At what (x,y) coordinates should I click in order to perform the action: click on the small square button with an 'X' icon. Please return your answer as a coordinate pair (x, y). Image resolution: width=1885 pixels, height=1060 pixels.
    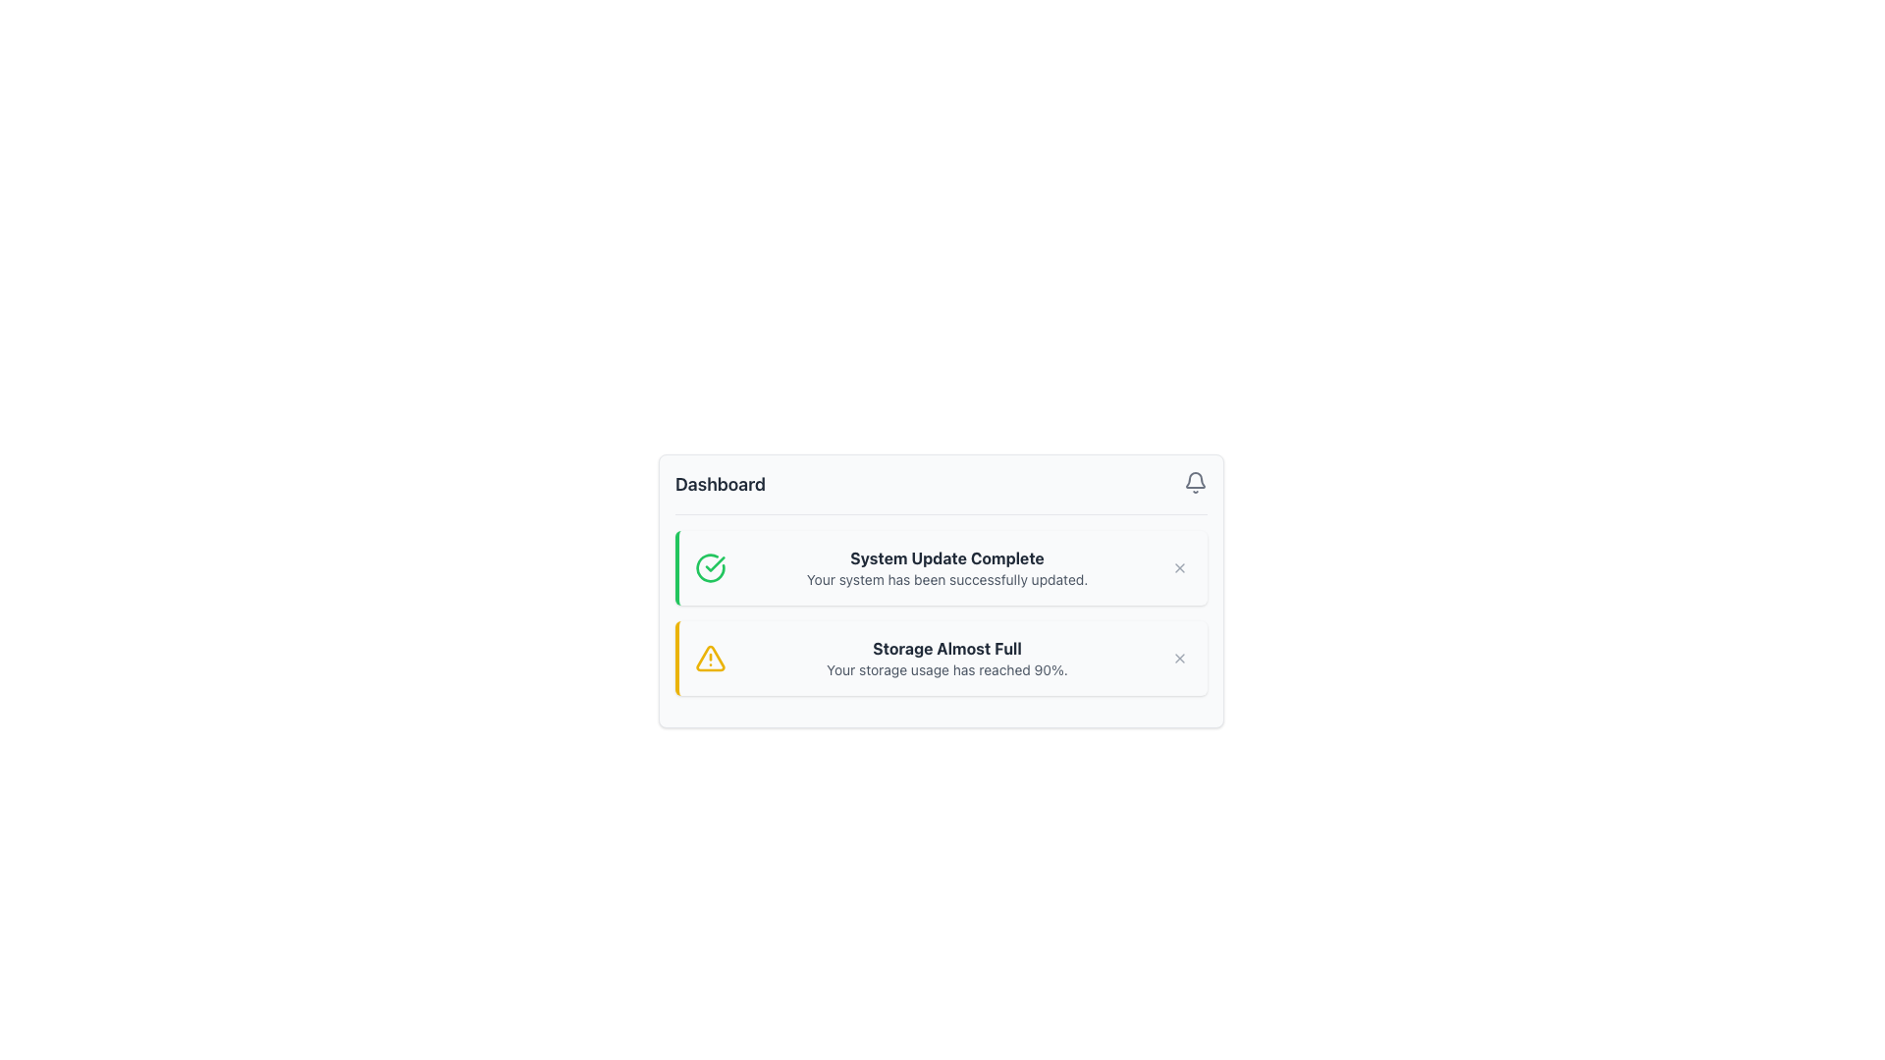
    Looking at the image, I should click on (1178, 659).